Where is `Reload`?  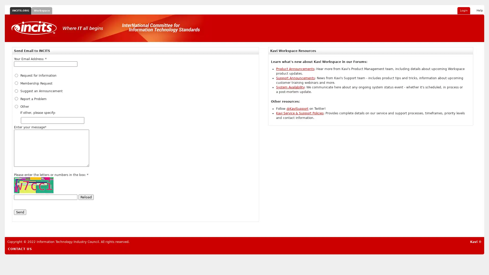 Reload is located at coordinates (86, 197).